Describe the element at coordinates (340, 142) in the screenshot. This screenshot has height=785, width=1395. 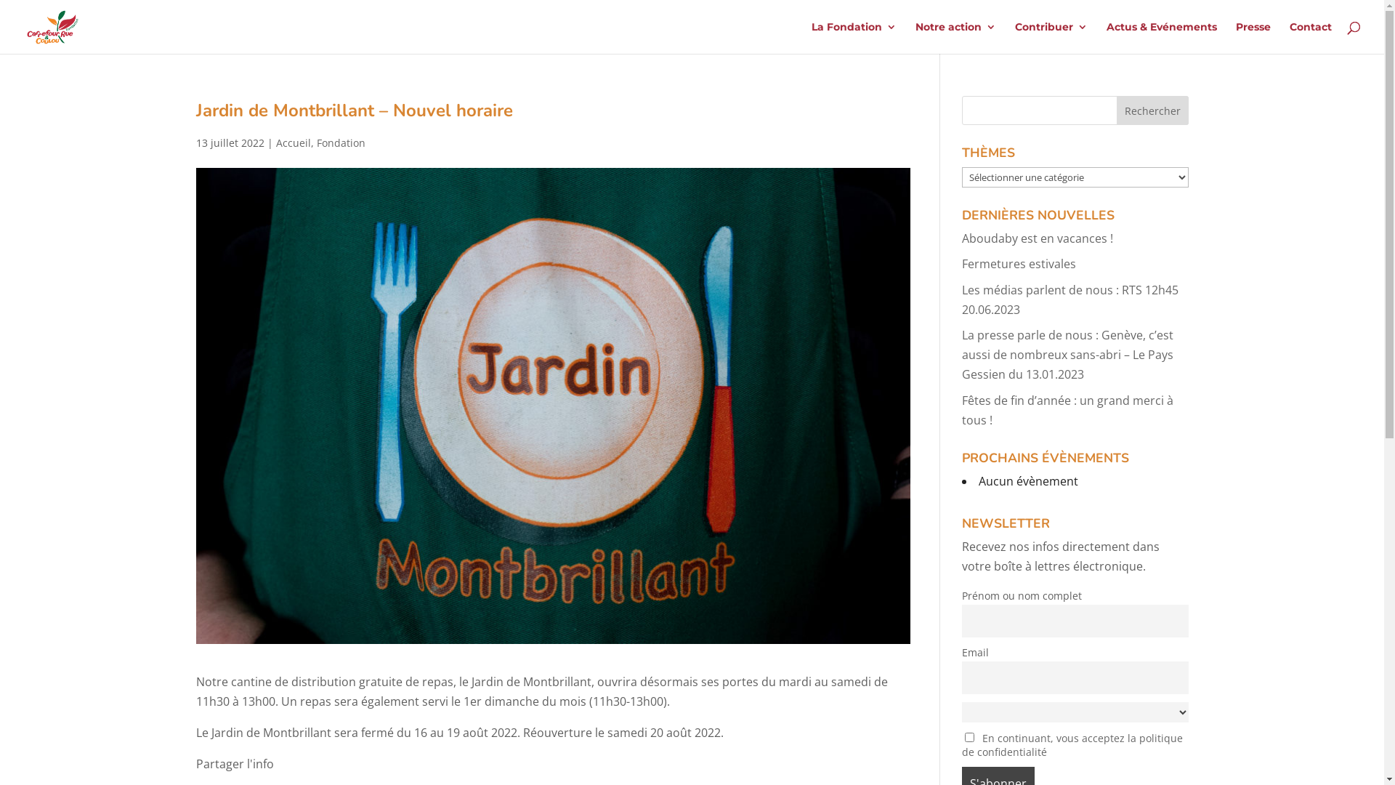
I see `'Fondation'` at that location.